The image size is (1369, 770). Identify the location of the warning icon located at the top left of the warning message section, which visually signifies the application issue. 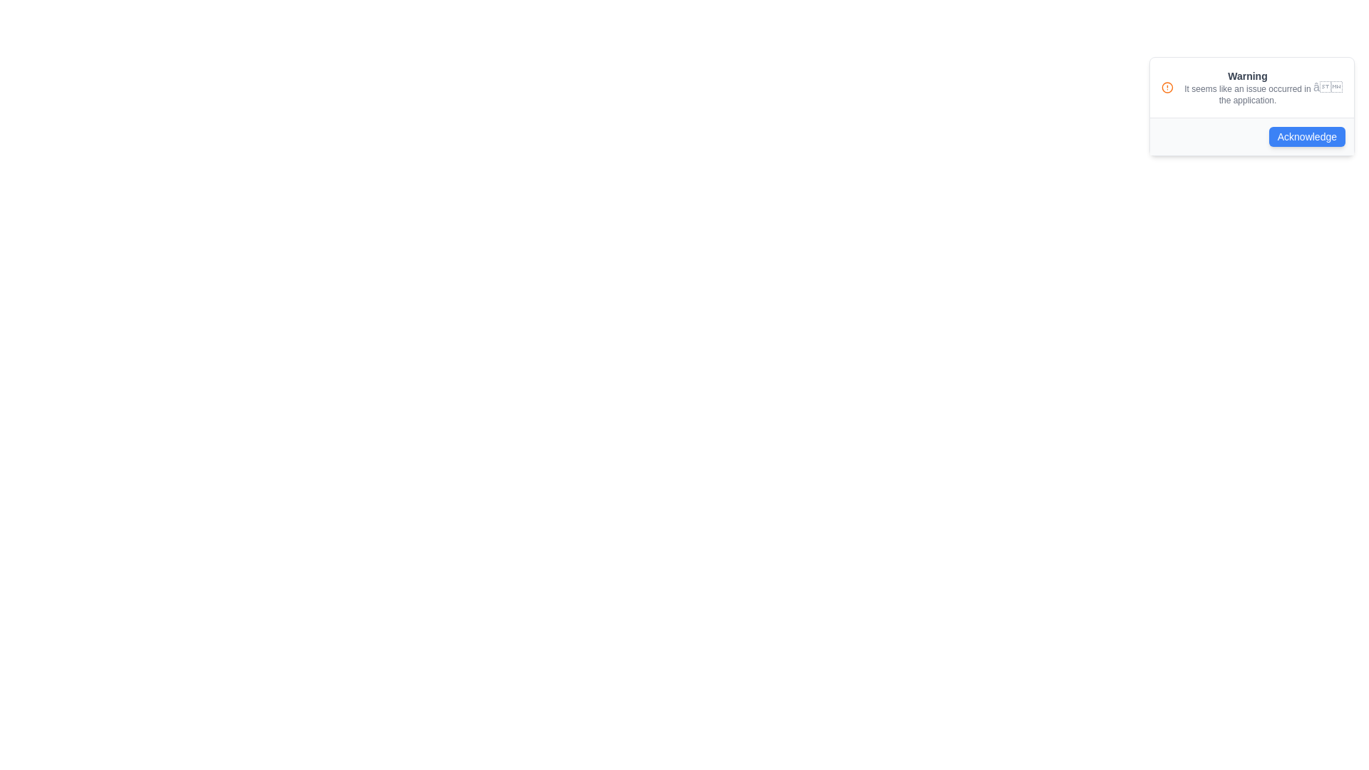
(1167, 88).